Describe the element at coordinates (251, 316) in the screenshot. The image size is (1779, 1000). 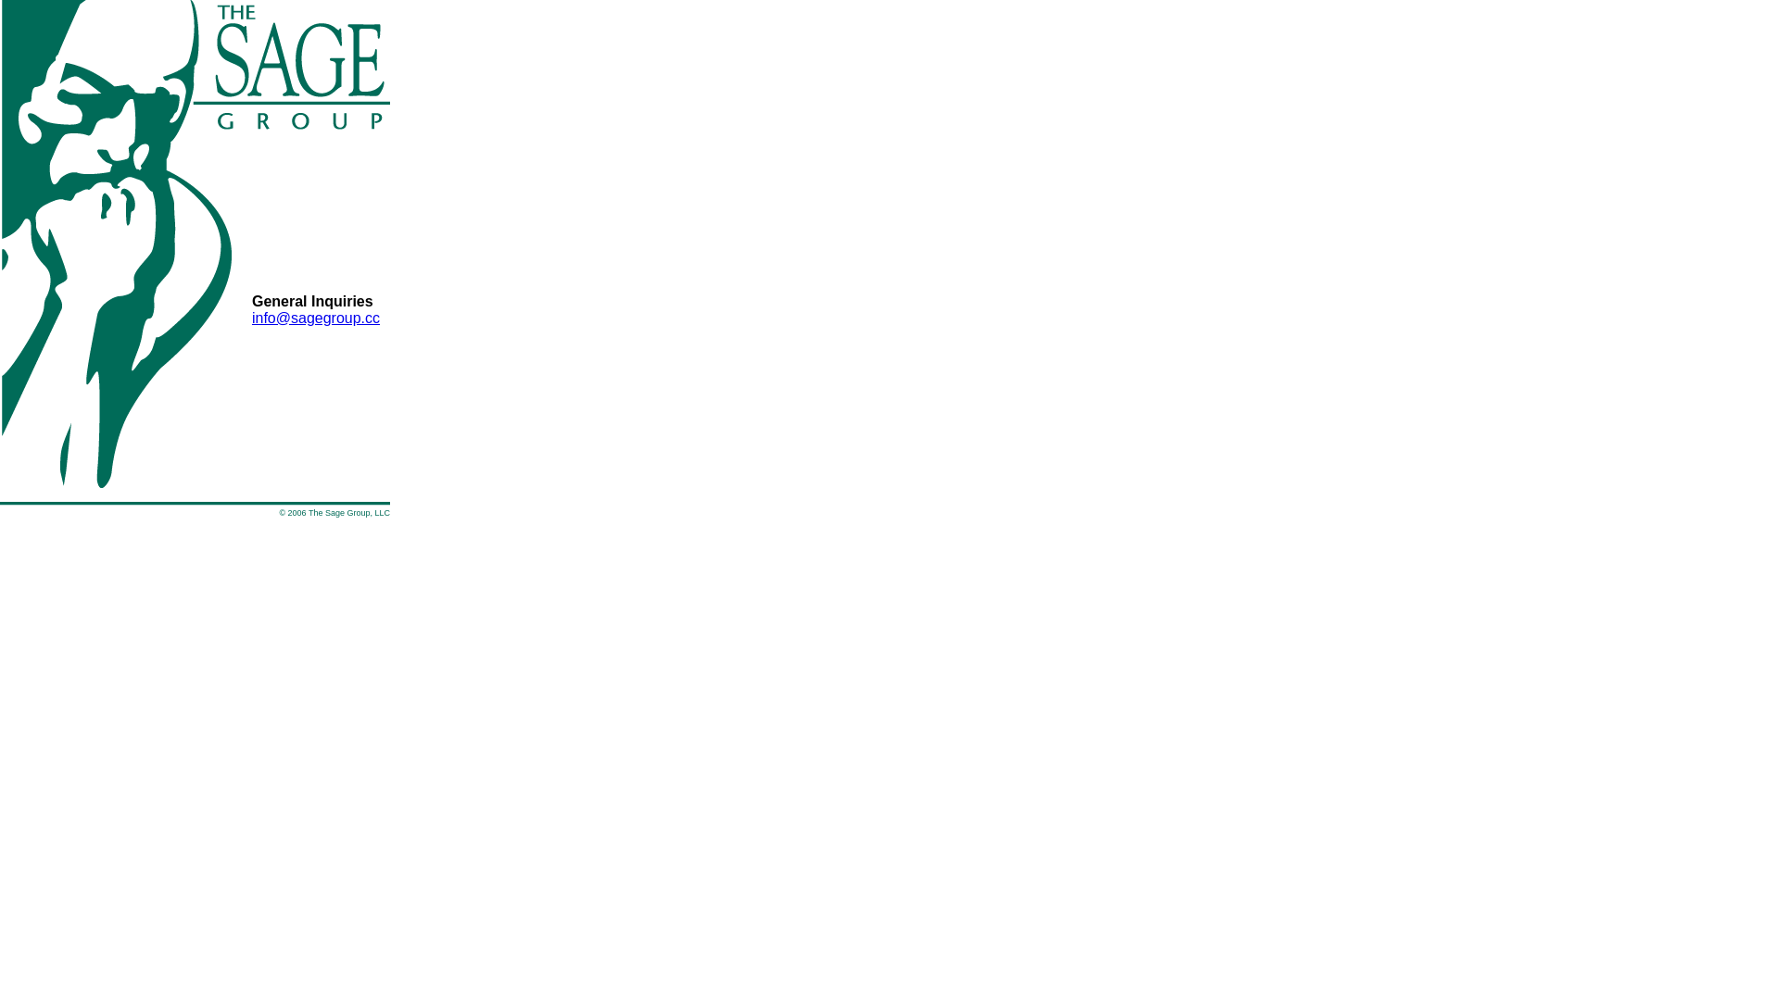
I see `'info@sagegroup.cc'` at that location.